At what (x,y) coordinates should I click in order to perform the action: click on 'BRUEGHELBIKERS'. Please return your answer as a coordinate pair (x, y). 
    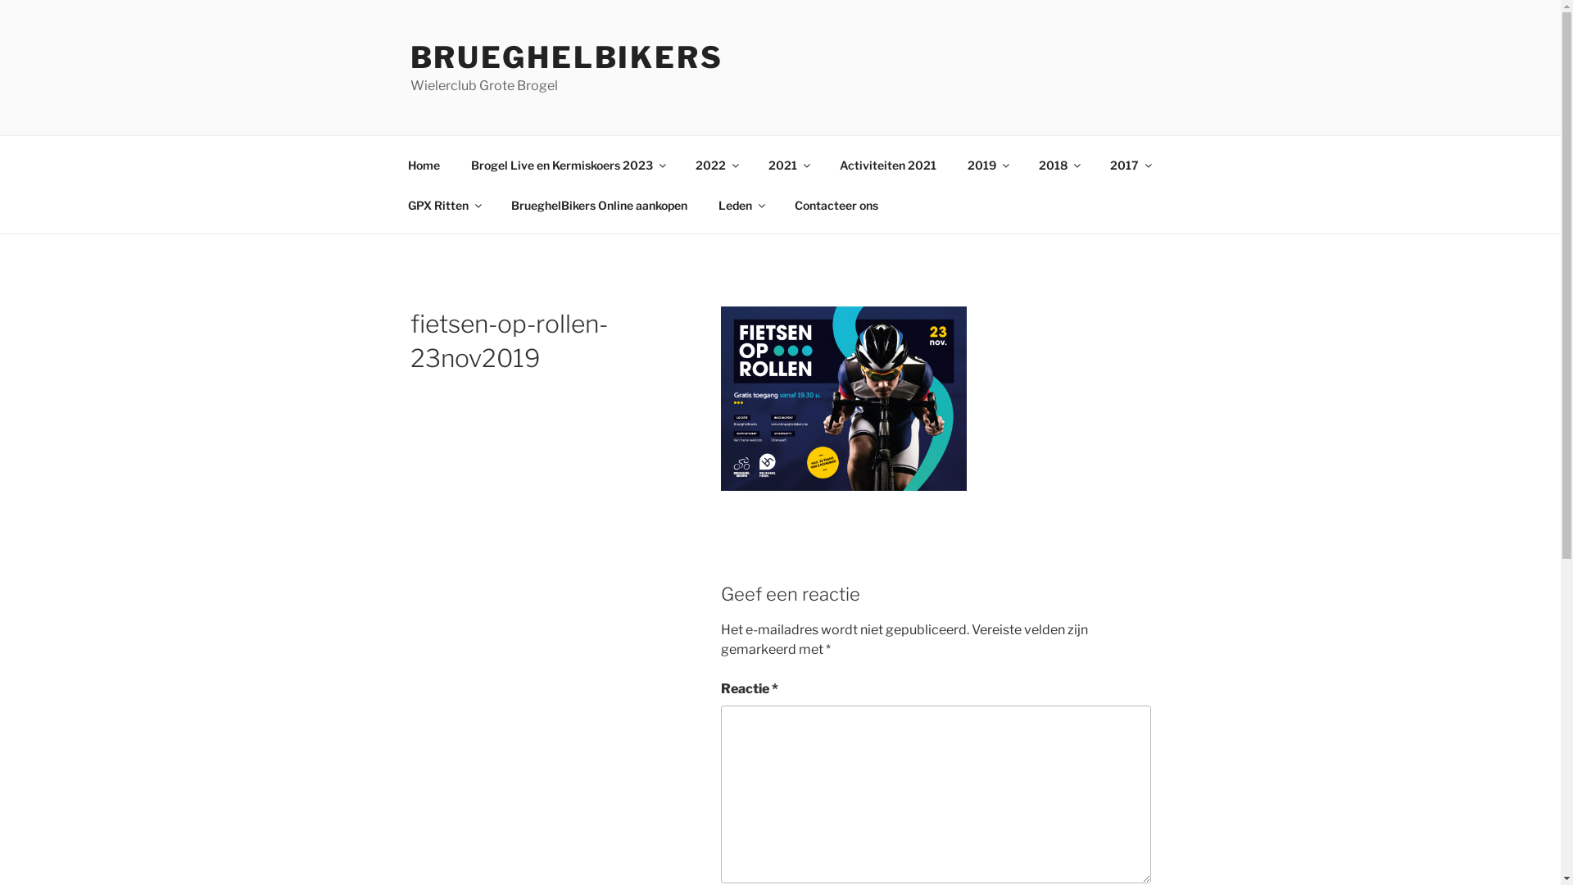
    Looking at the image, I should click on (566, 56).